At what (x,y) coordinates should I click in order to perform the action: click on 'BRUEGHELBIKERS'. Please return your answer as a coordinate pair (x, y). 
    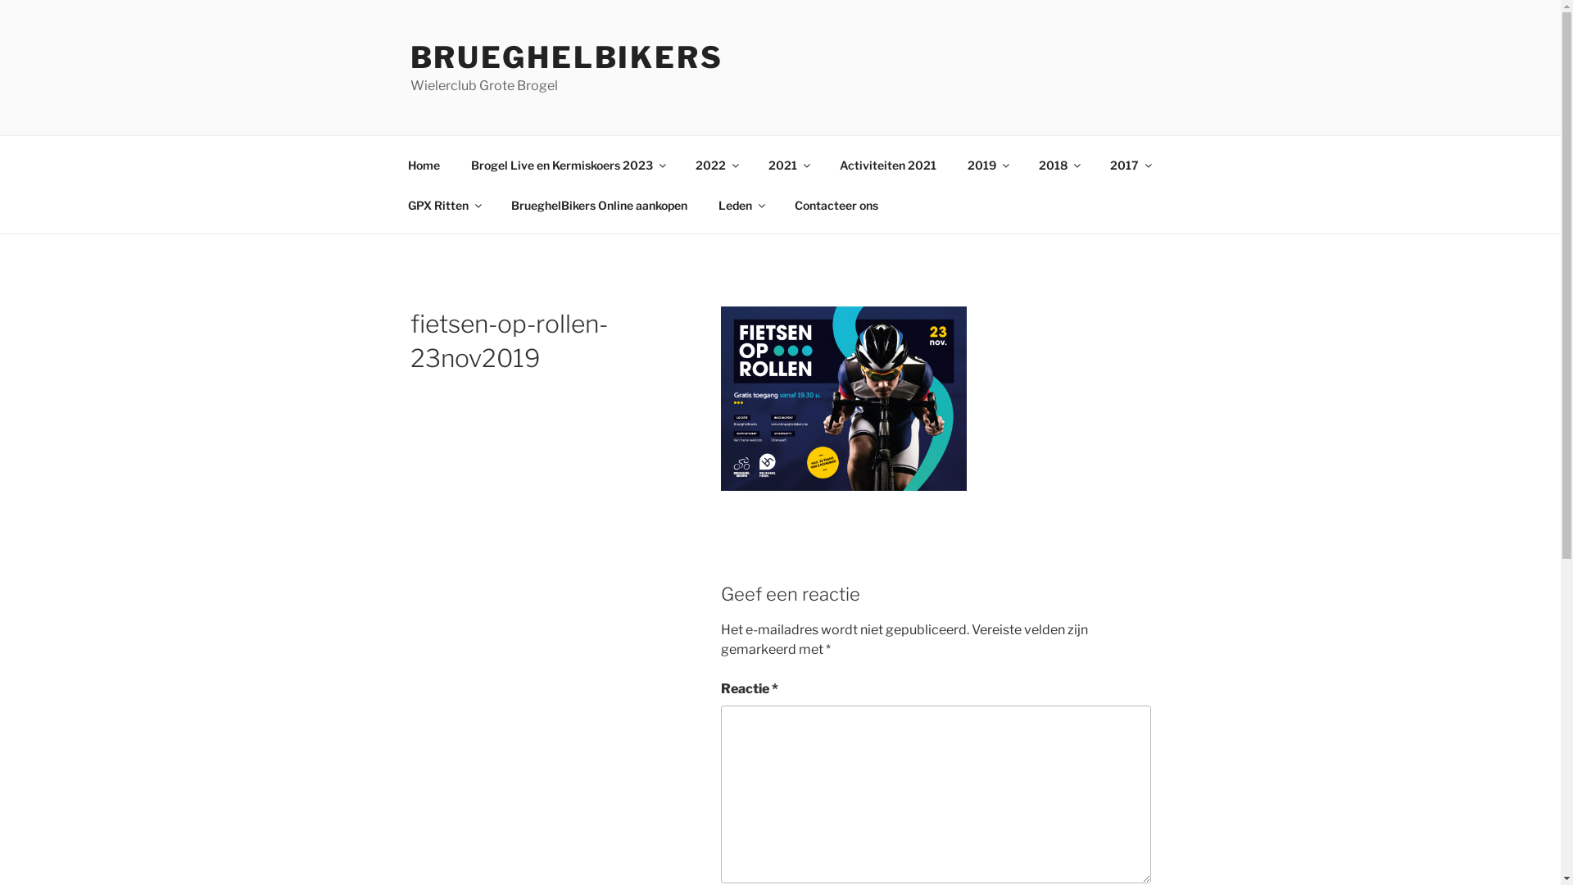
    Looking at the image, I should click on (566, 56).